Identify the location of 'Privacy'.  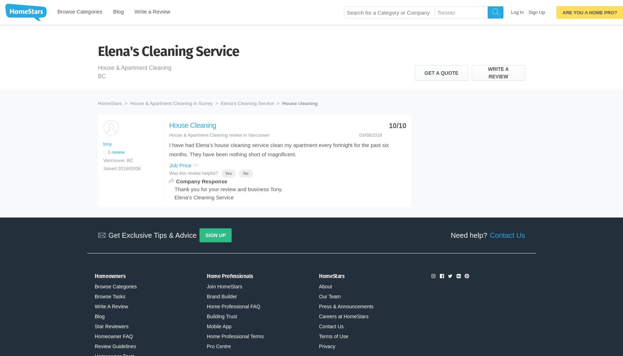
(319, 346).